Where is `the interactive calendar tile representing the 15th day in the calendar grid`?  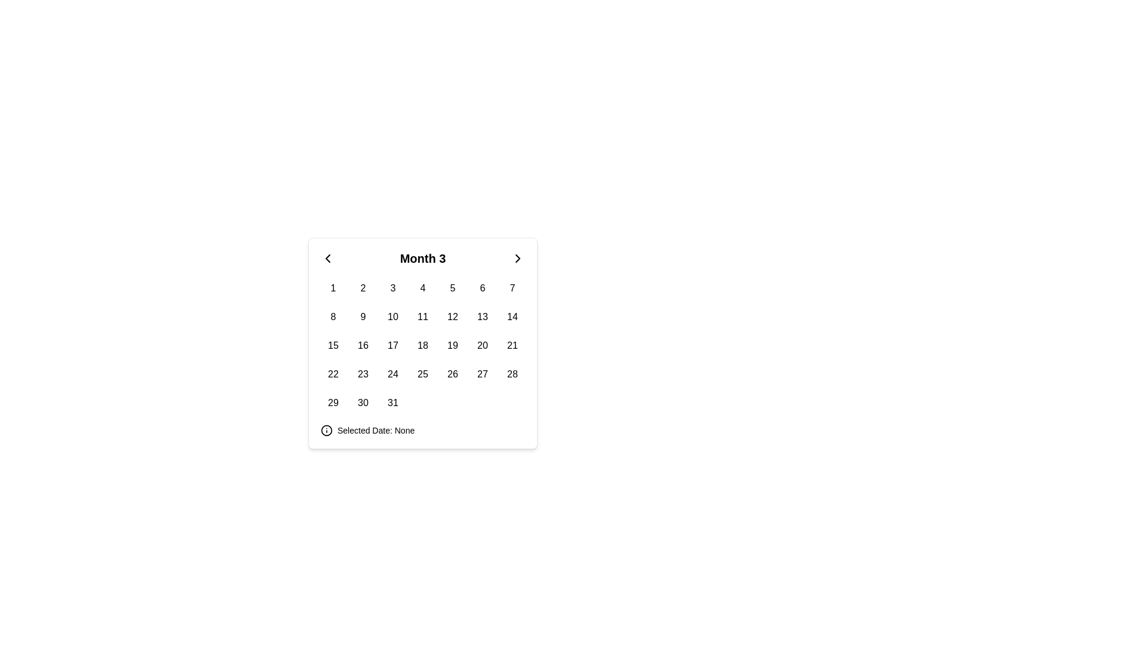 the interactive calendar tile representing the 15th day in the calendar grid is located at coordinates (333, 345).